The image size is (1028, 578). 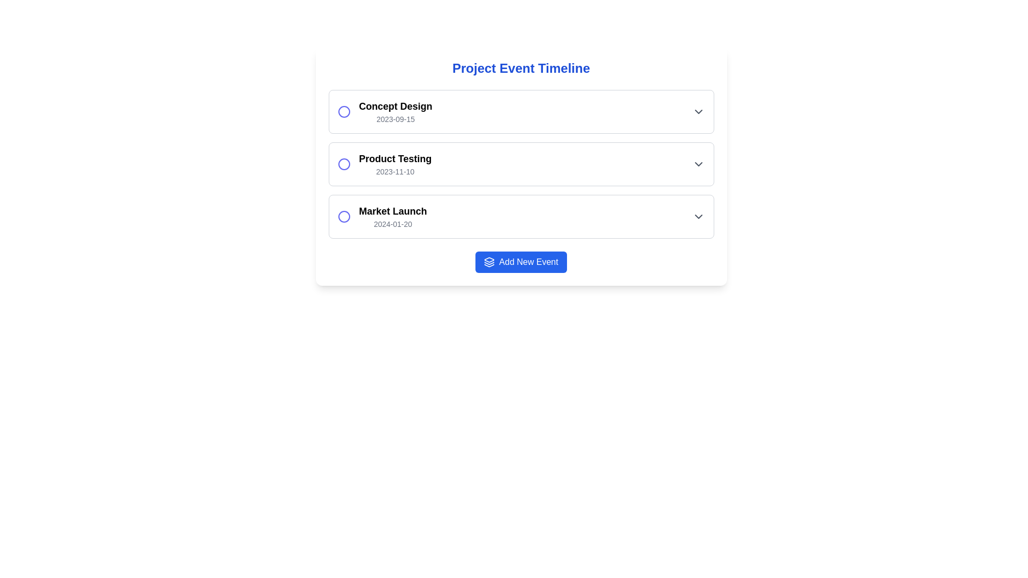 I want to click on the first Event card, so click(x=385, y=111).